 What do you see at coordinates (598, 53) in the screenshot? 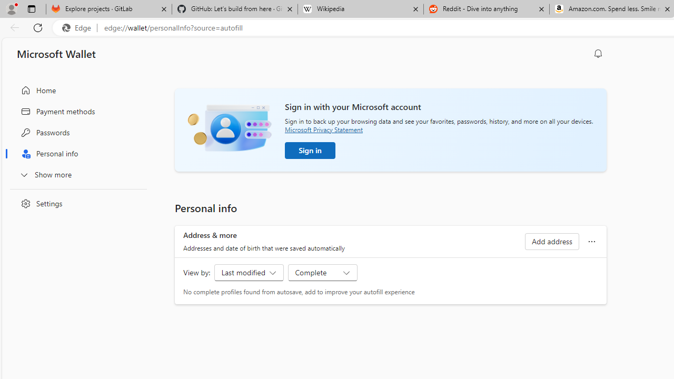
I see `'Notification'` at bounding box center [598, 53].